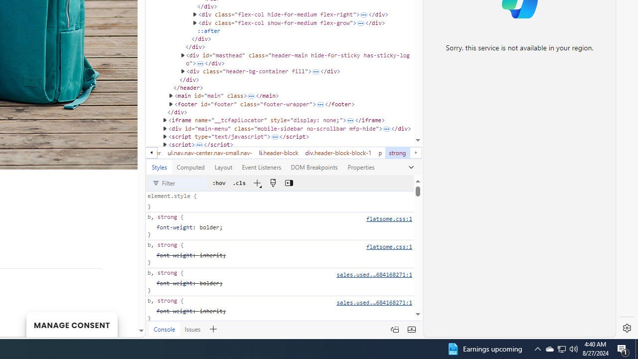 The height and width of the screenshot is (359, 638). Describe the element at coordinates (261, 167) in the screenshot. I see `'Event Listeners'` at that location.